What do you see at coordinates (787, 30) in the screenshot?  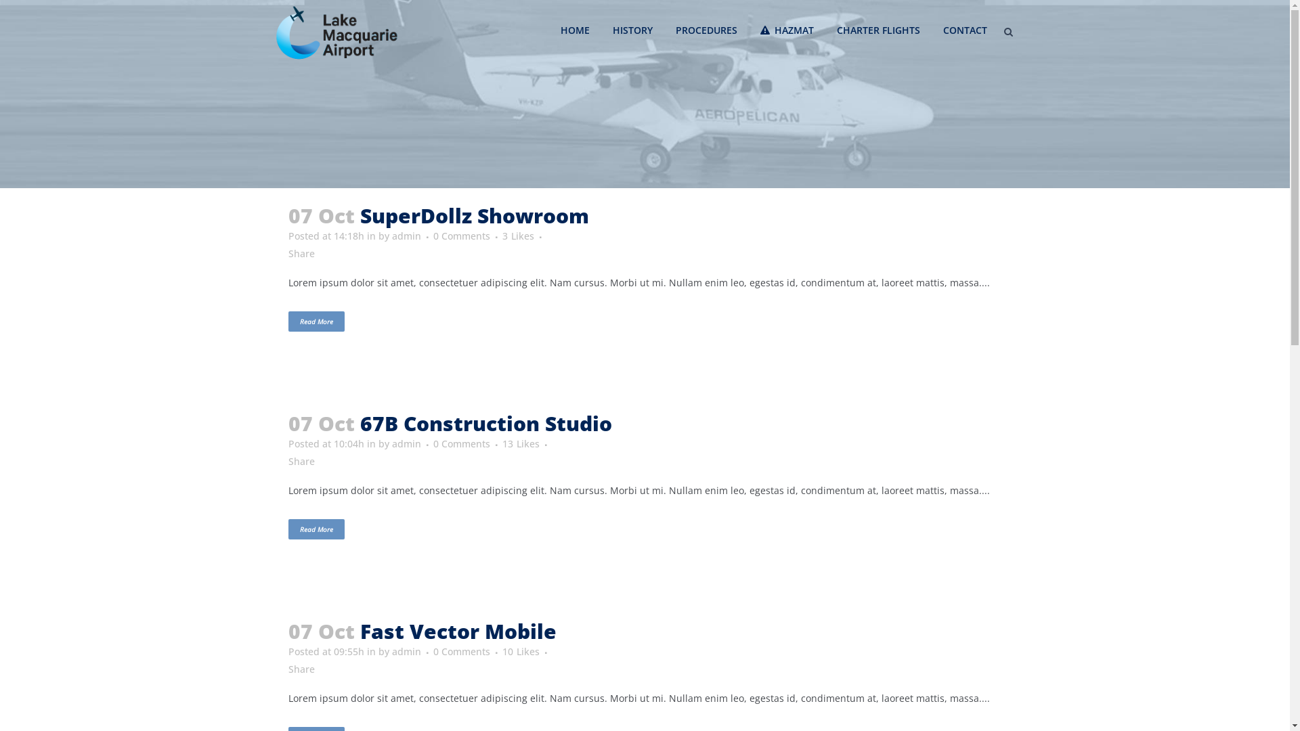 I see `'HAZMAT'` at bounding box center [787, 30].